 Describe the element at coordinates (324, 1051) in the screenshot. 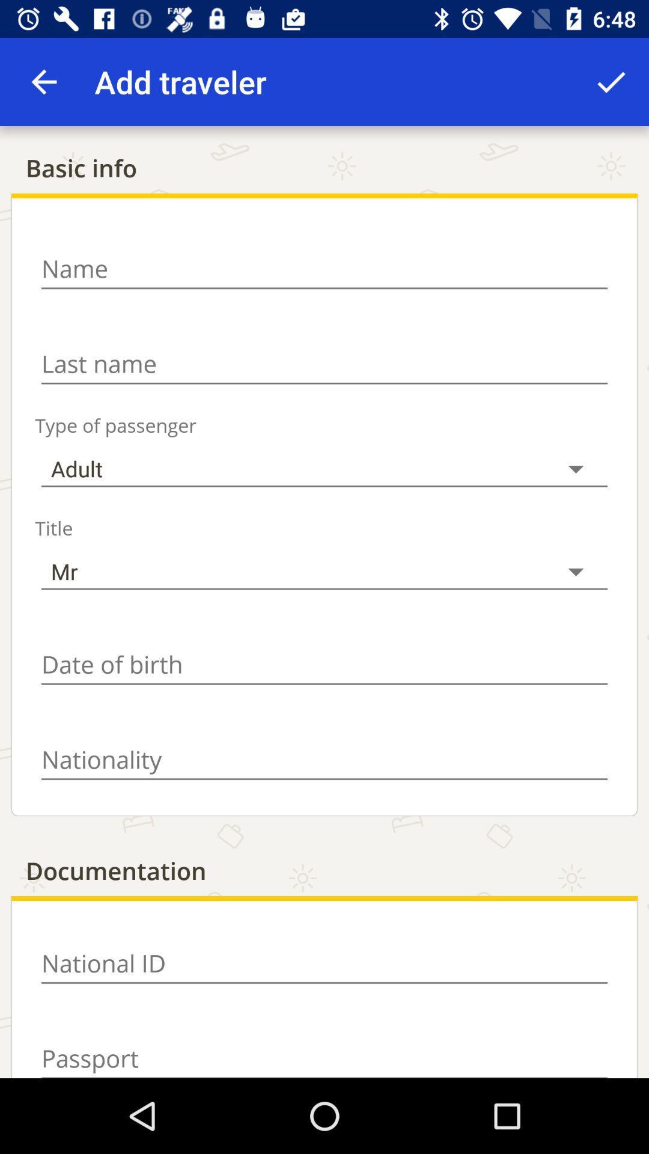

I see `open text box for passport` at that location.